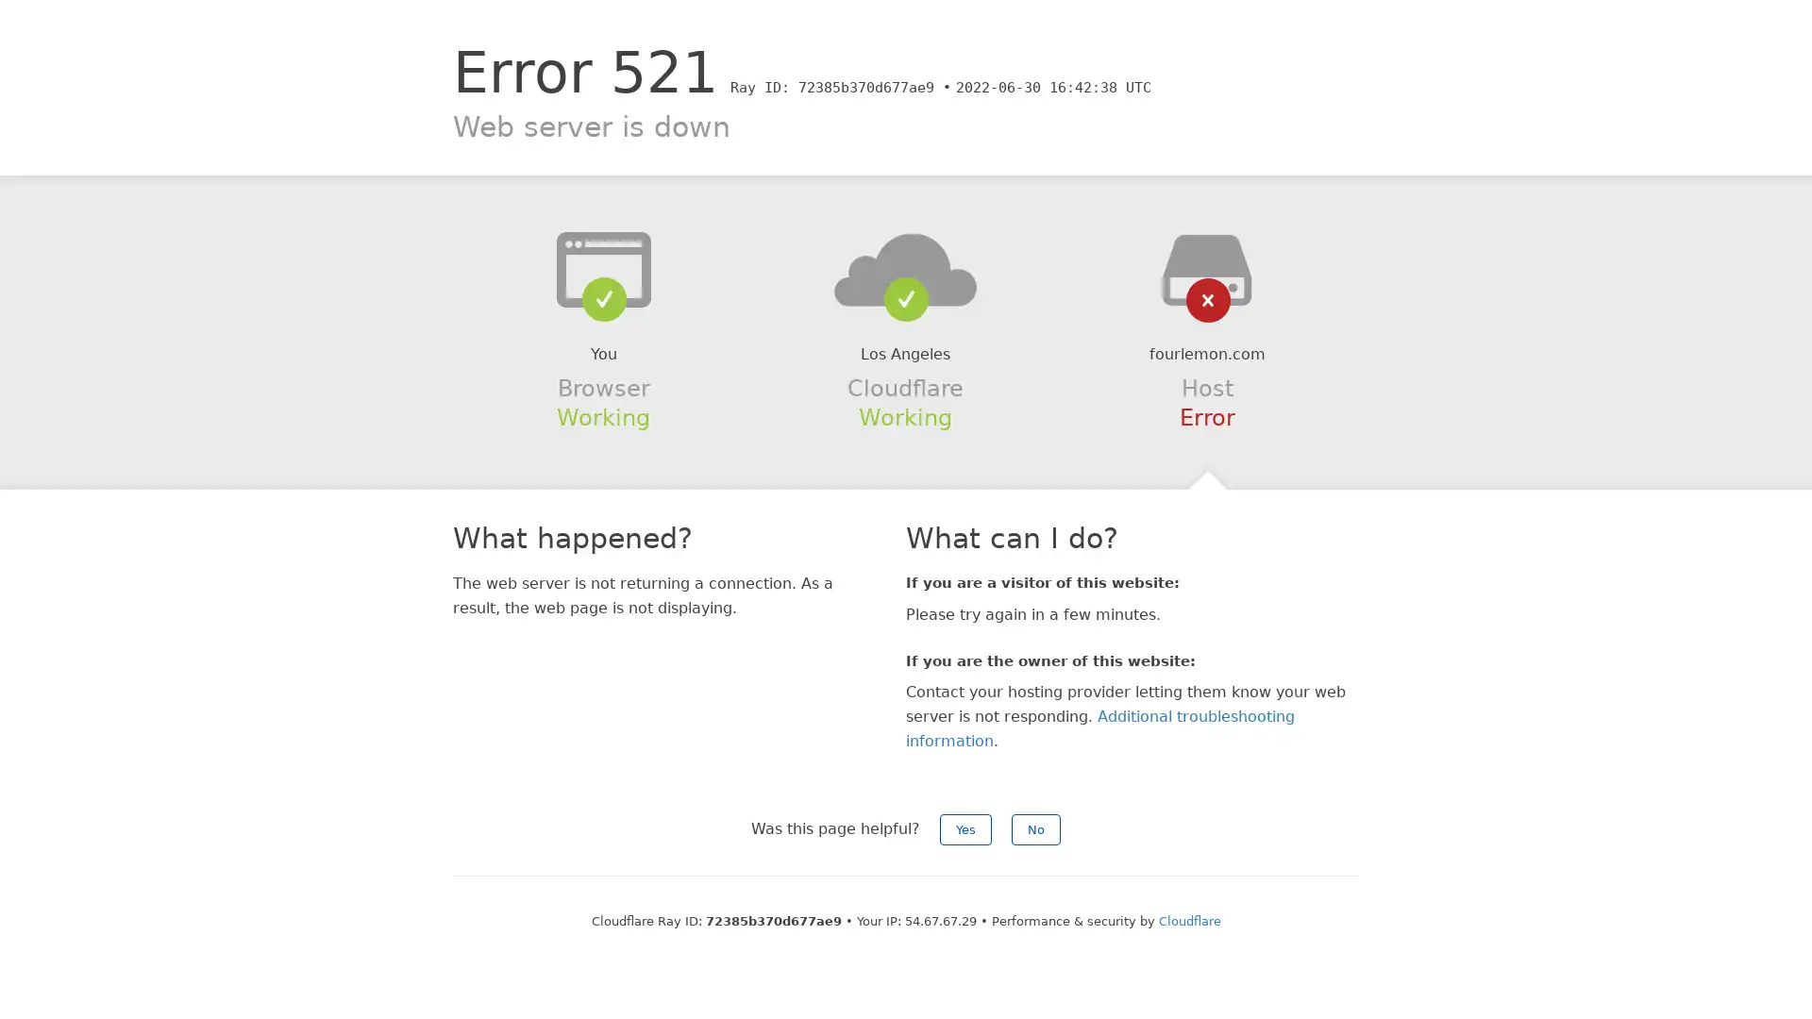 The width and height of the screenshot is (1812, 1019). Describe the element at coordinates (1035, 828) in the screenshot. I see `No` at that location.